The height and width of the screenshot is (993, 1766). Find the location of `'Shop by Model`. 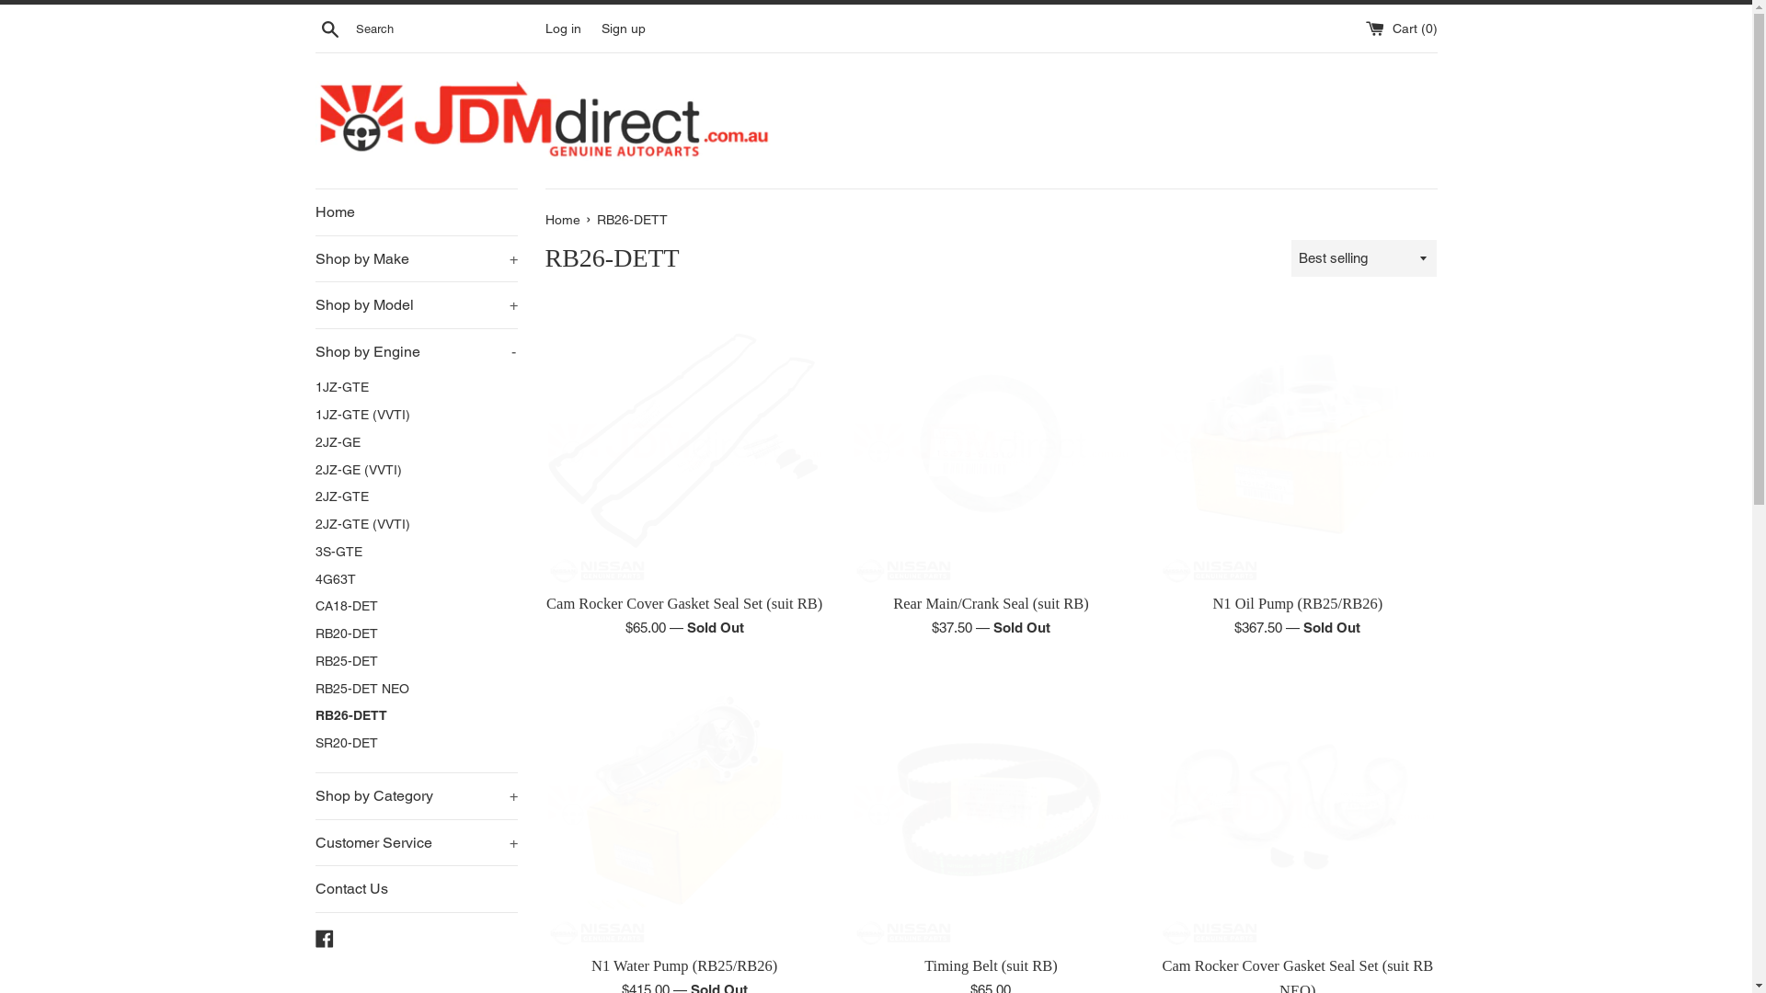

'Shop by Model is located at coordinates (414, 303).